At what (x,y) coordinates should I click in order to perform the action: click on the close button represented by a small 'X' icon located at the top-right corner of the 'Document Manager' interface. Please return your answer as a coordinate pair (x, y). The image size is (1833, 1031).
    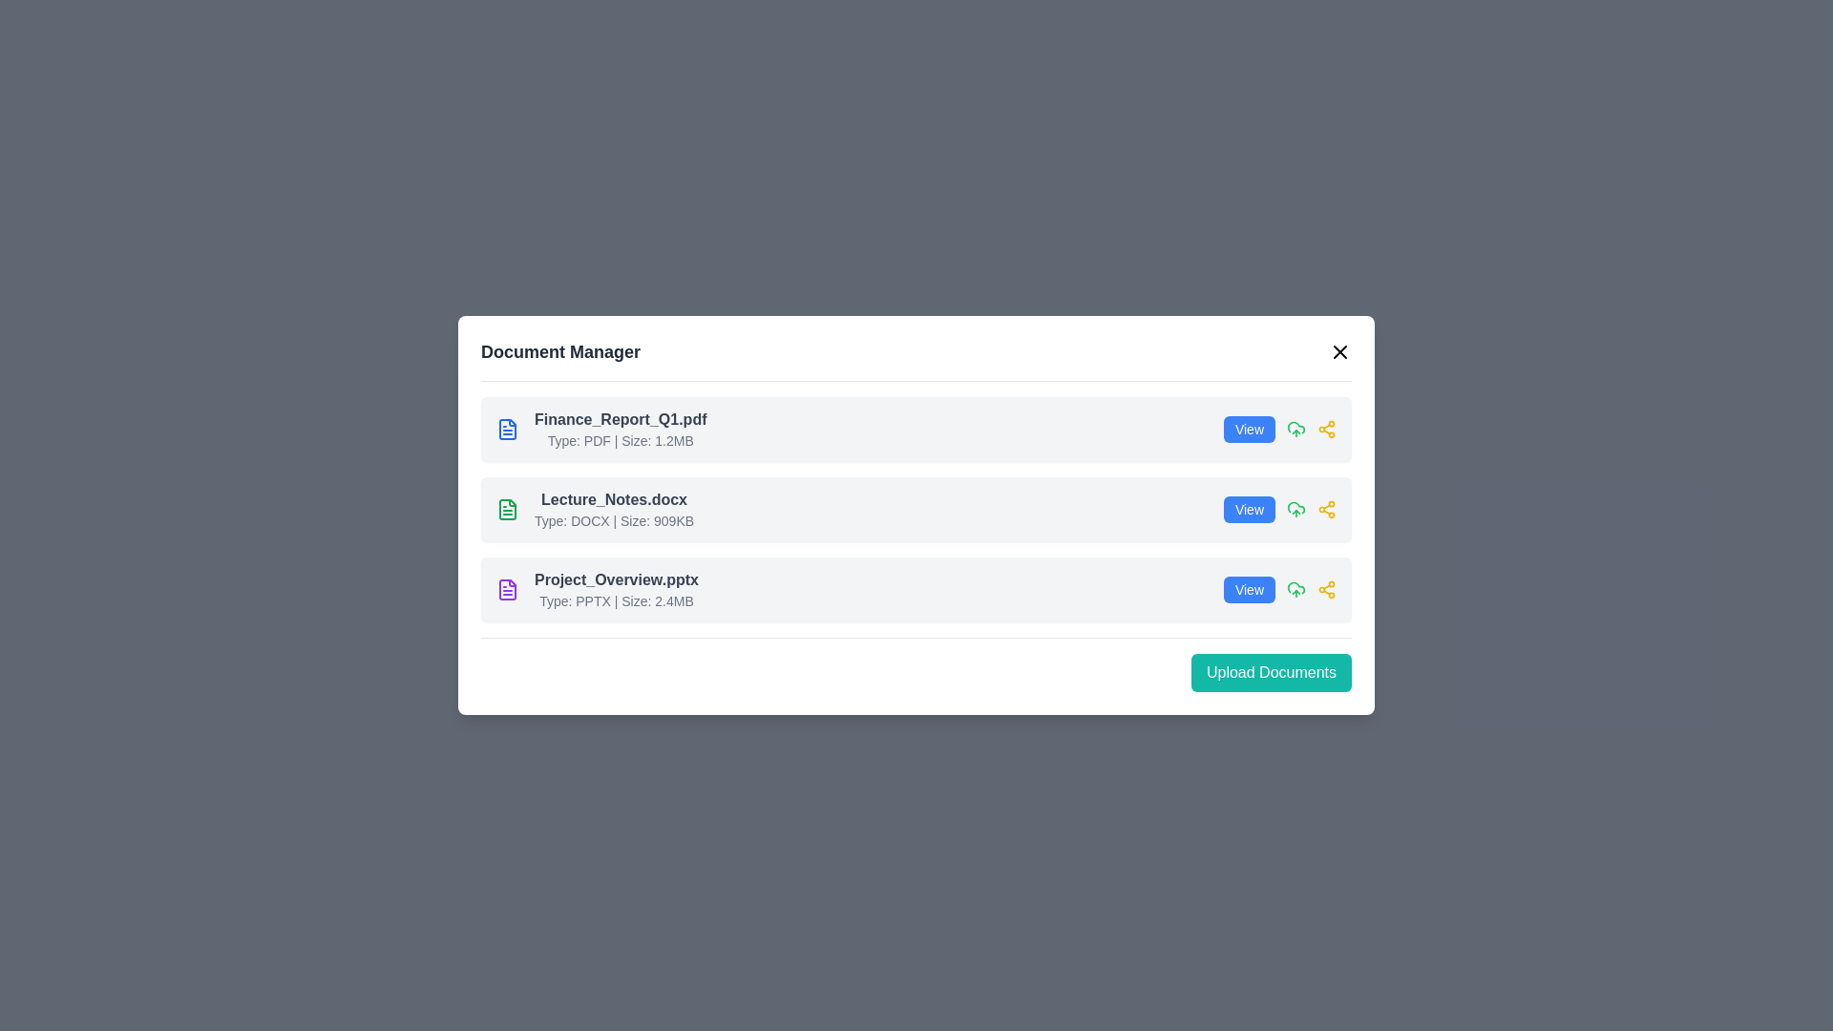
    Looking at the image, I should click on (1338, 352).